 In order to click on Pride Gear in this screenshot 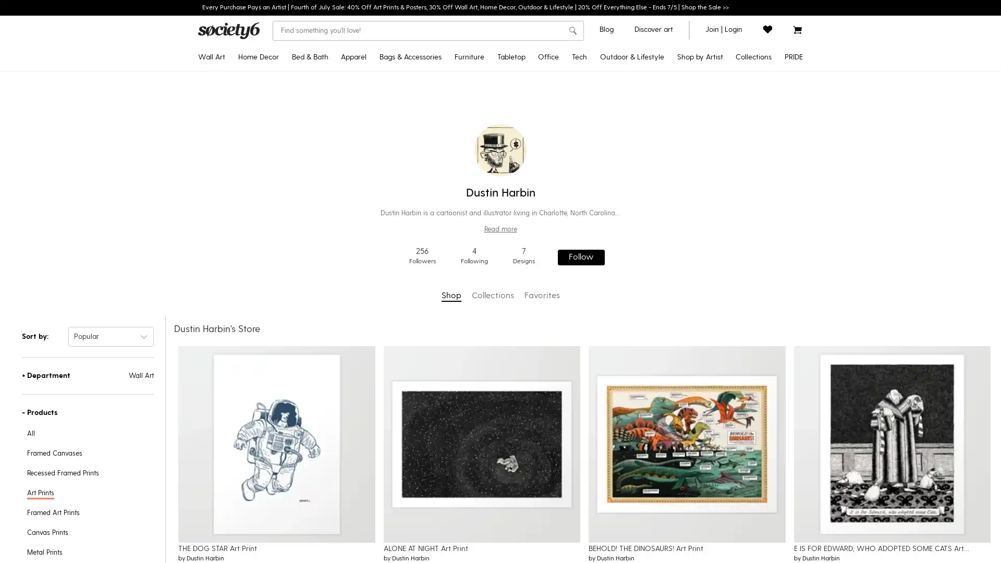, I will do `click(752, 117)`.